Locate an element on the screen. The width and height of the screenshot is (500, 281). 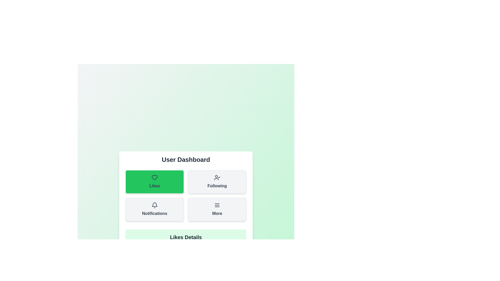
the button labeled 'Likes' to observe its animation is located at coordinates (154, 181).